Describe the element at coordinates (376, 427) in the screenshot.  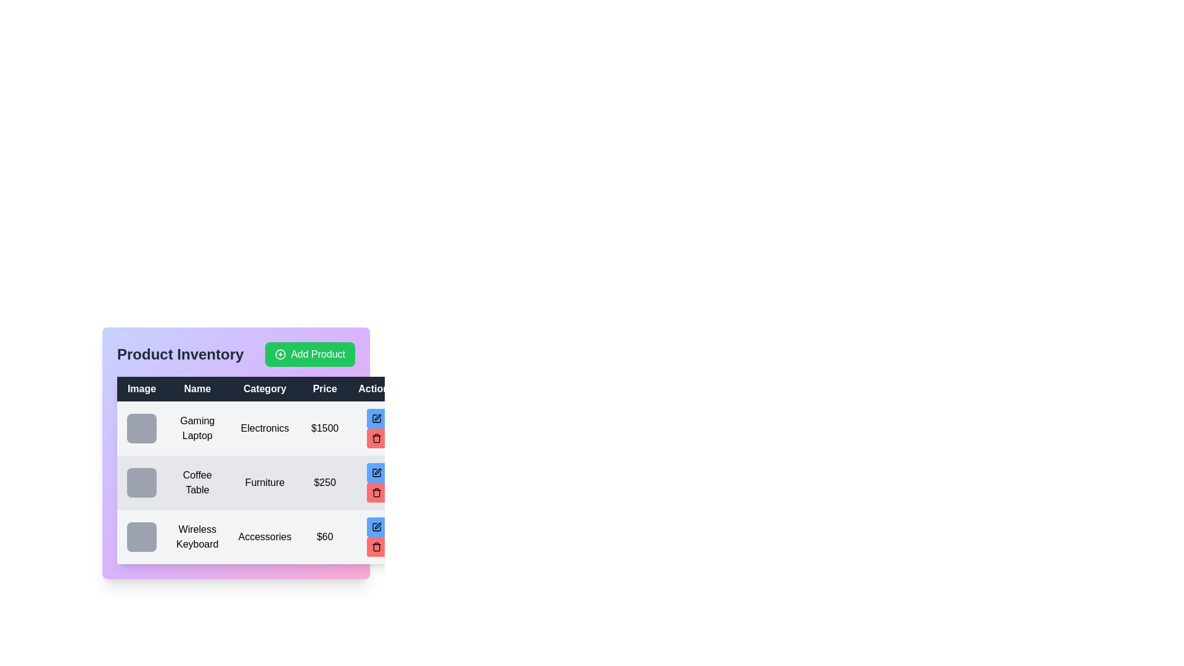
I see `the red button with a black trash can icon in the 'Action' column of the 'Gaming Laptop' entry` at that location.